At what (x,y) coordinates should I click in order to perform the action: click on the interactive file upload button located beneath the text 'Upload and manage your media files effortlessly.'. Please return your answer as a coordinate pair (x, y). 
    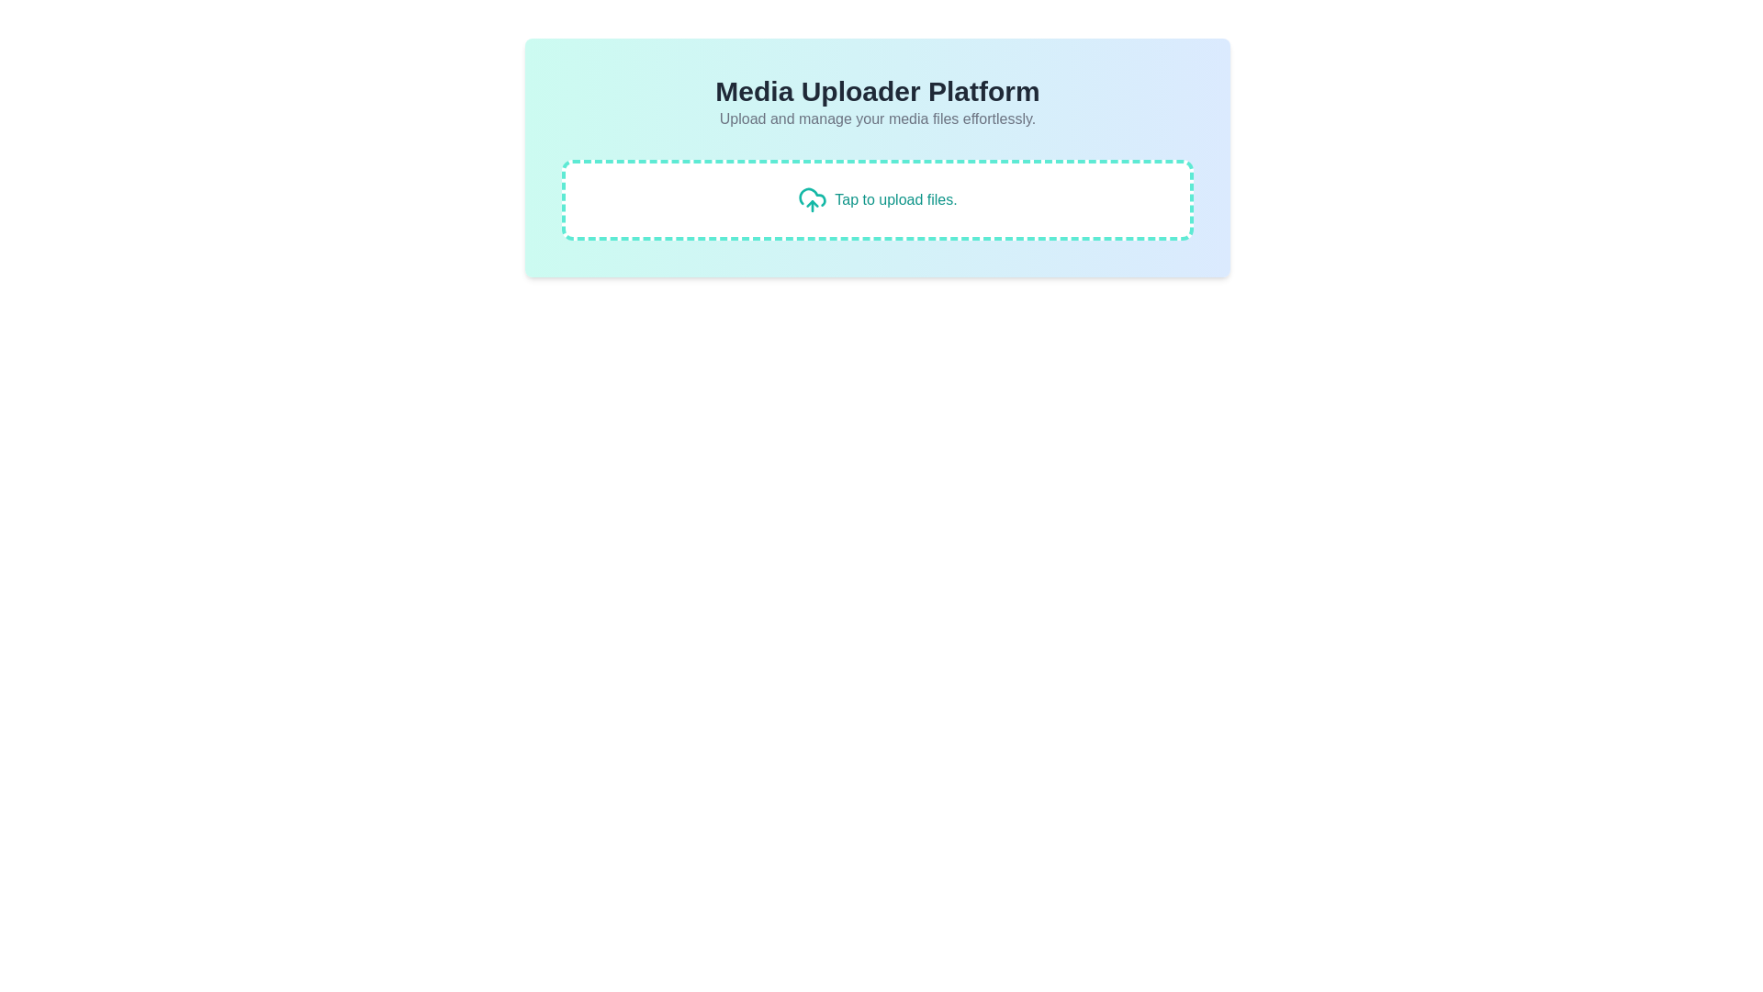
    Looking at the image, I should click on (876, 200).